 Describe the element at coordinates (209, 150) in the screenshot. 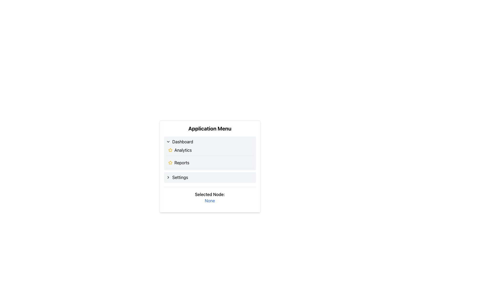

I see `the 'Analytics' menu item located in the second position under the 'Application Menu'` at that location.